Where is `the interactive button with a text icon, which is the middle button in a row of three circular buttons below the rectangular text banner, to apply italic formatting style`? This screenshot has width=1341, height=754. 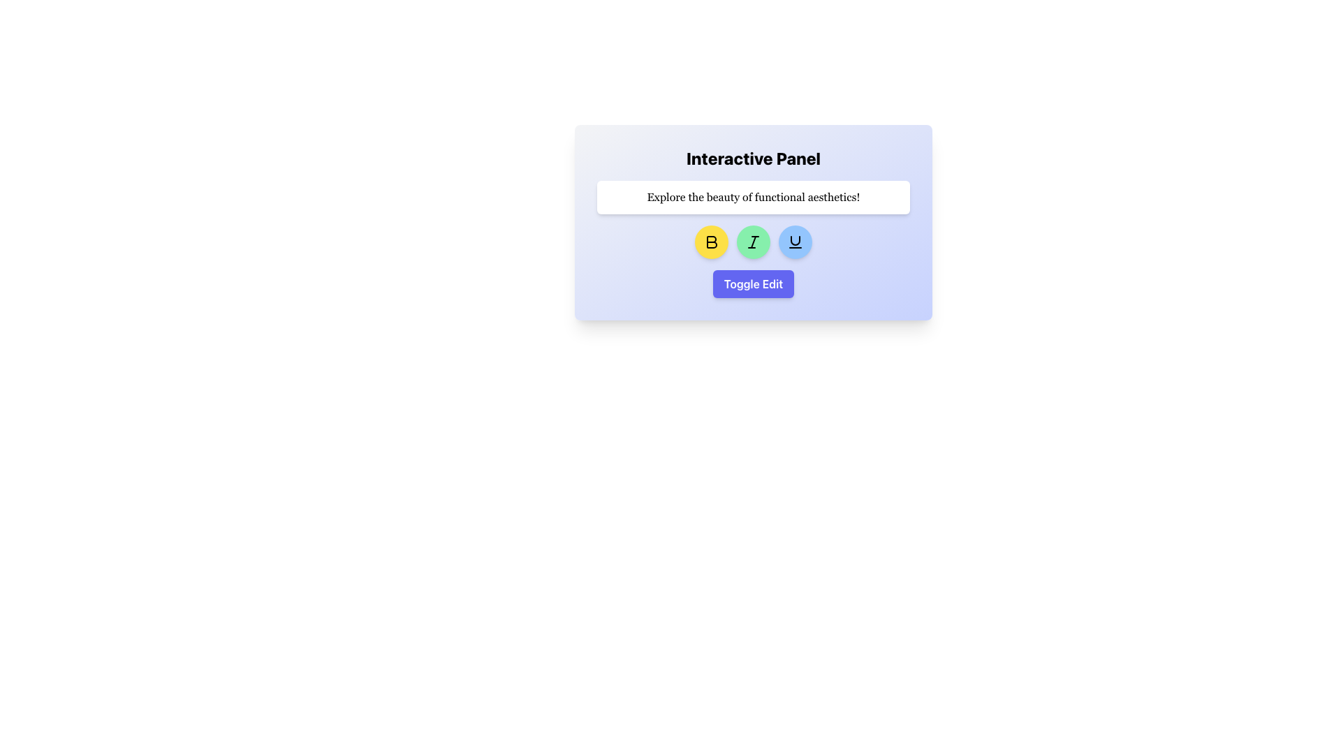
the interactive button with a text icon, which is the middle button in a row of three circular buttons below the rectangular text banner, to apply italic formatting style is located at coordinates (753, 222).